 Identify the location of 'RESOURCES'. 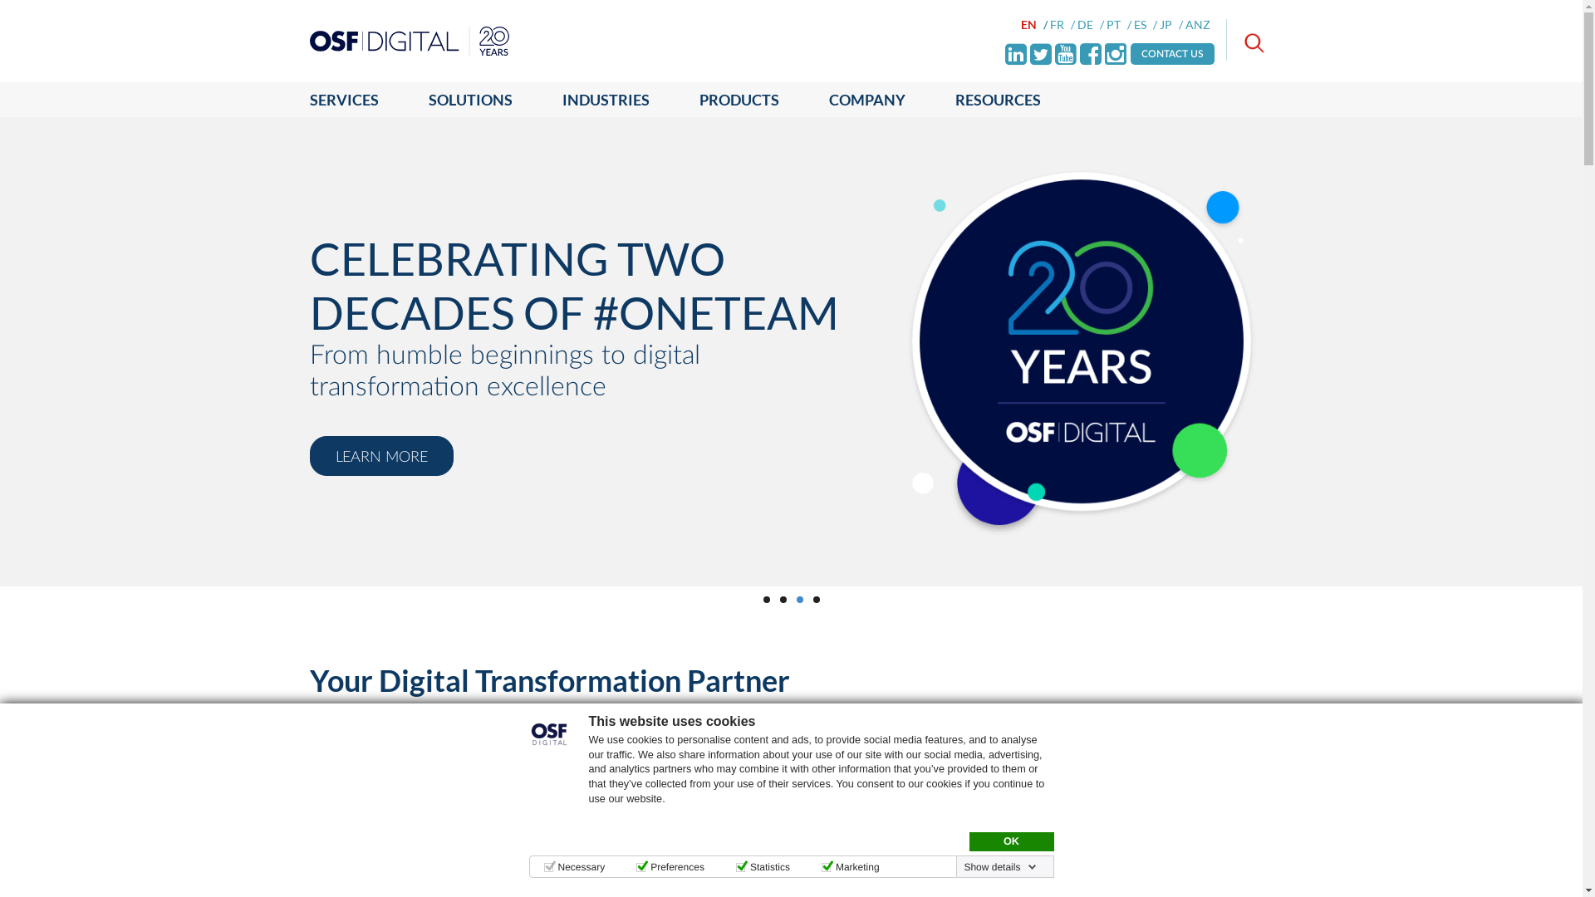
(929, 99).